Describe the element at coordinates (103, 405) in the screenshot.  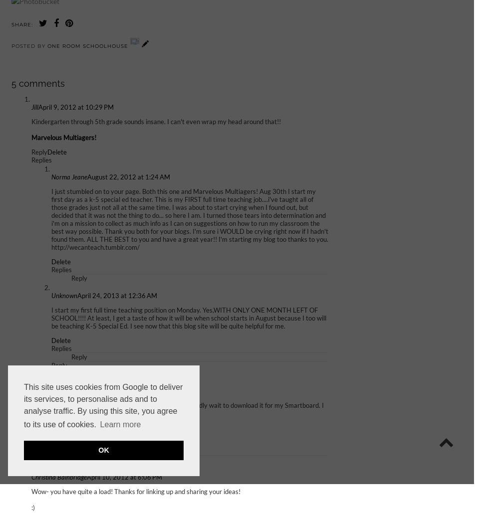
I see `'This site uses cookies from Google to deliver its services, to personalise ads and to analyse traffic. By using this site, you agree to its use of cookies.'` at that location.